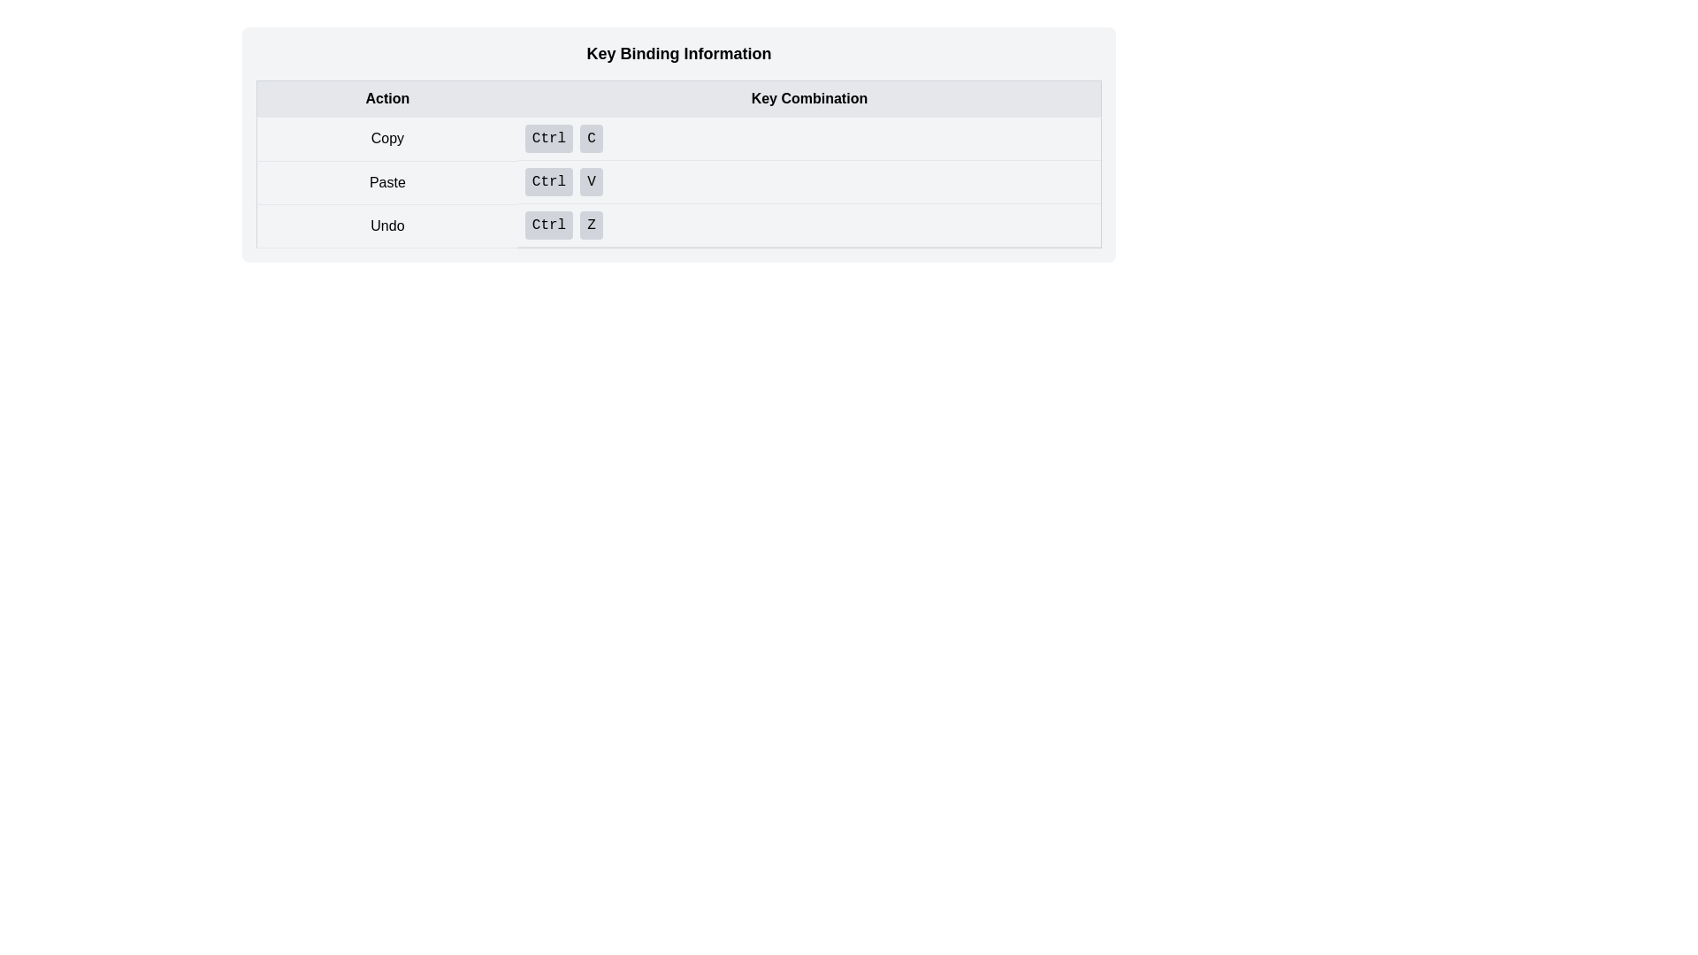 The image size is (1698, 955). Describe the element at coordinates (808, 98) in the screenshot. I see `the 'Key Combination' header label, which is the second header in the top-right corner of the table, adjacent to the 'Action' header` at that location.